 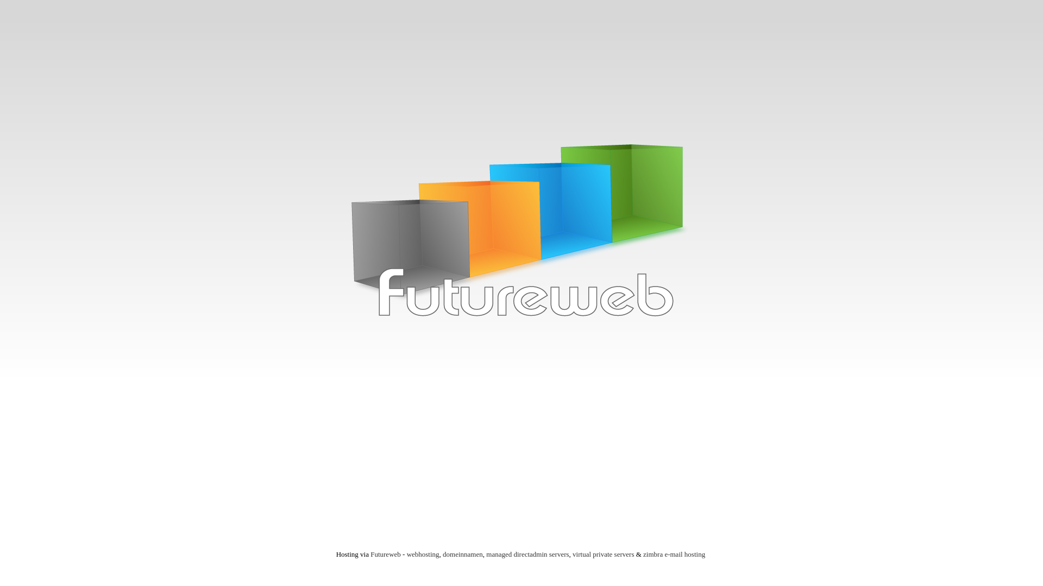 What do you see at coordinates (602, 554) in the screenshot?
I see `'virtual private servers'` at bounding box center [602, 554].